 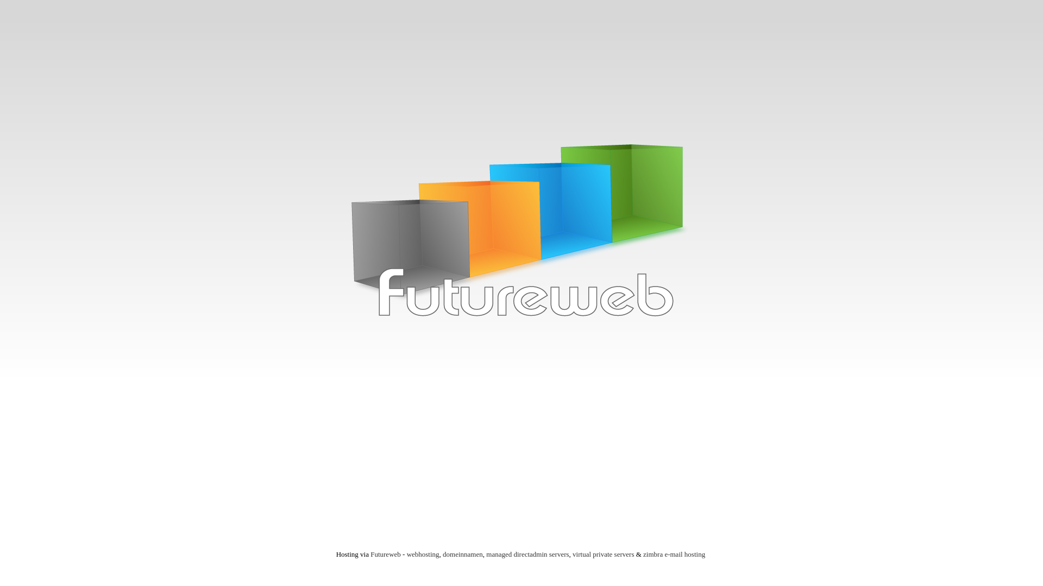 What do you see at coordinates (602, 554) in the screenshot?
I see `'virtual private servers'` at bounding box center [602, 554].